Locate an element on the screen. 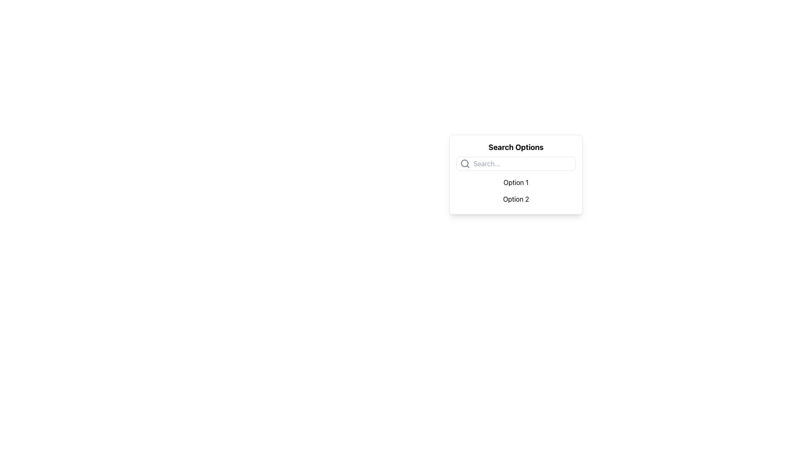  the text label displaying 'Option 2' is located at coordinates (516, 199).